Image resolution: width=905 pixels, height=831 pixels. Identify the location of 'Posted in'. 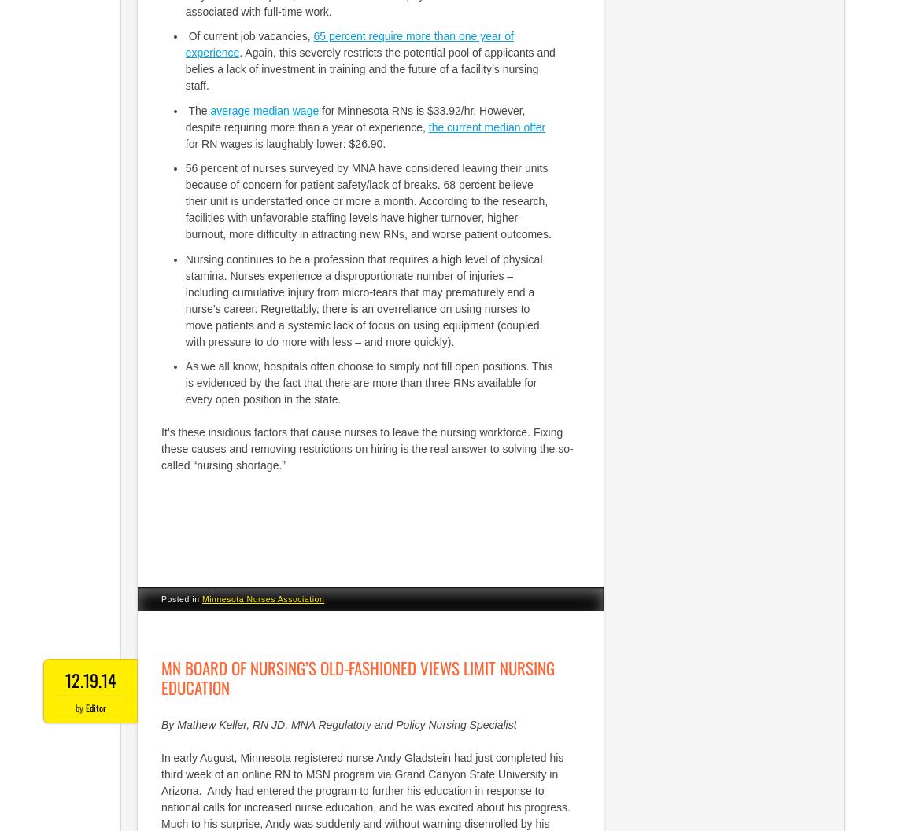
(180, 598).